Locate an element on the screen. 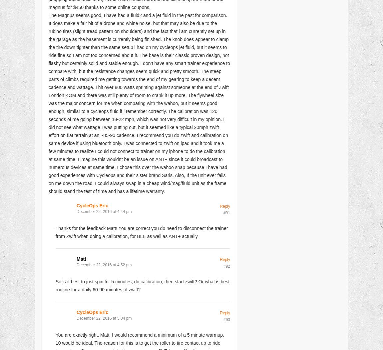 This screenshot has width=383, height=350. 'December 22, 2016 at 4:52 pm' is located at coordinates (76, 264).